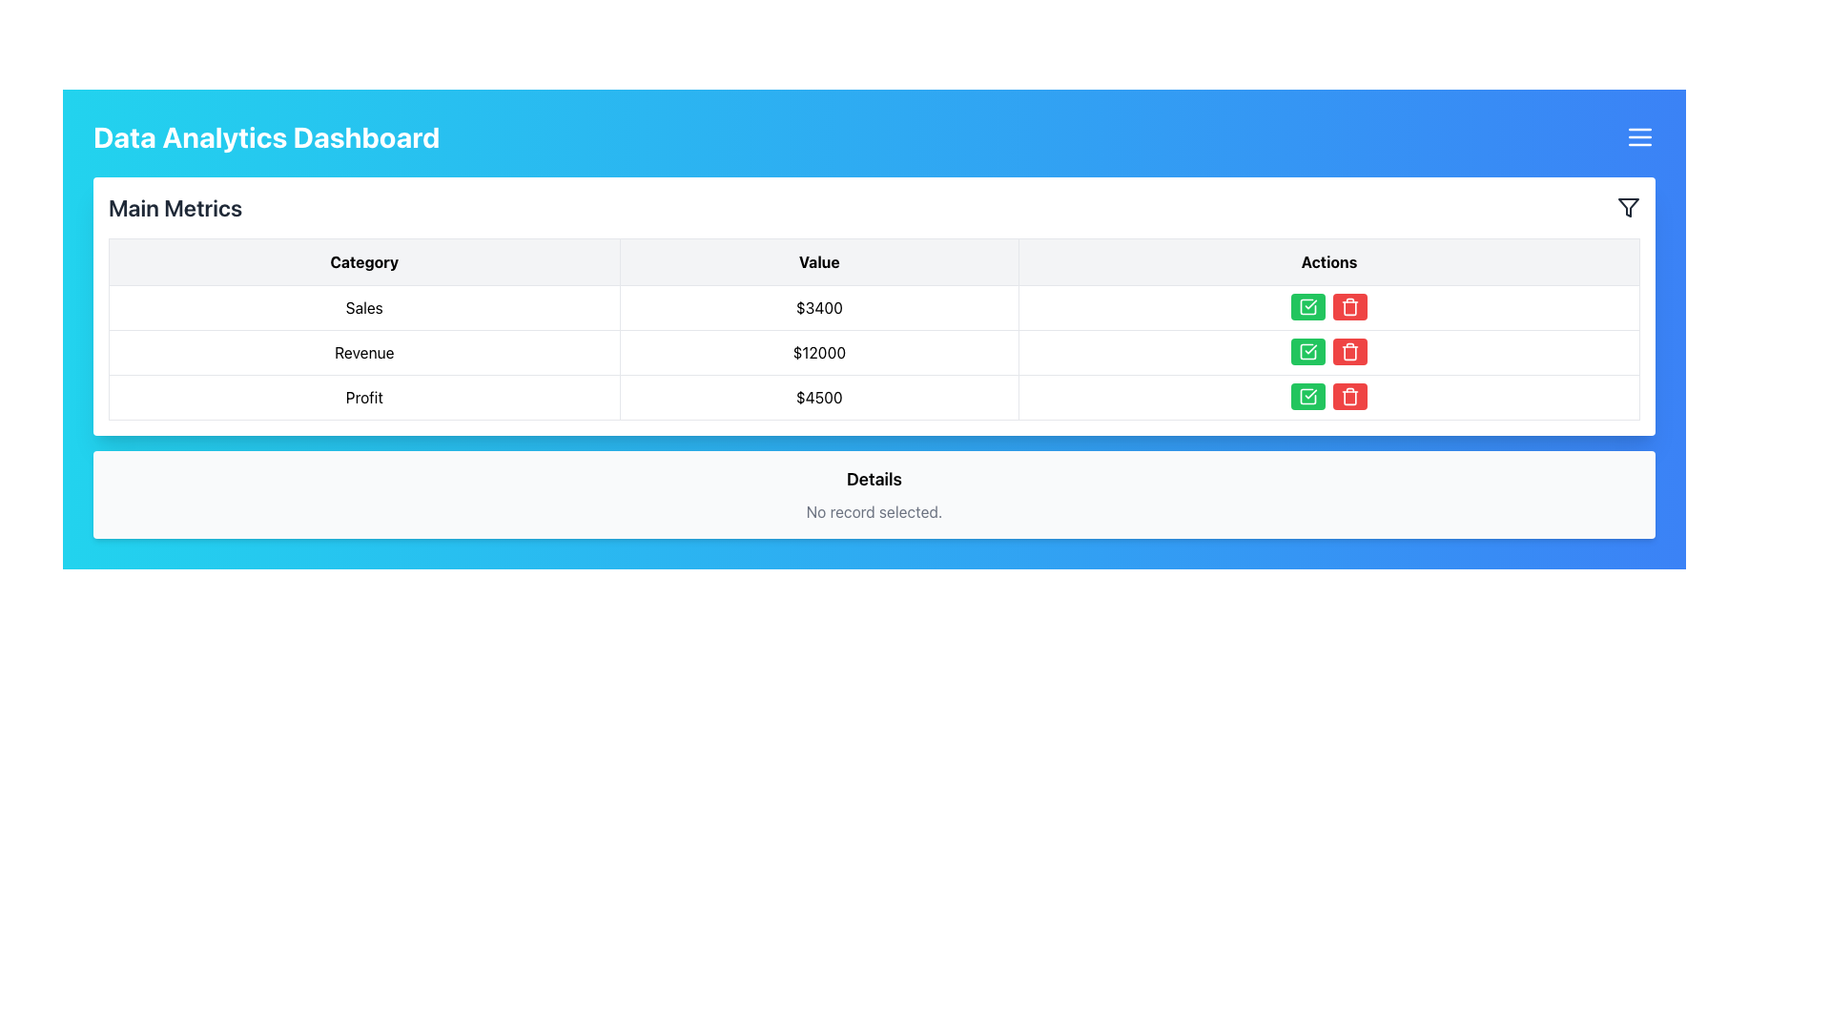 This screenshot has height=1030, width=1831. What do you see at coordinates (1349, 397) in the screenshot?
I see `the delete icon in the 'Actions' column of the data table` at bounding box center [1349, 397].